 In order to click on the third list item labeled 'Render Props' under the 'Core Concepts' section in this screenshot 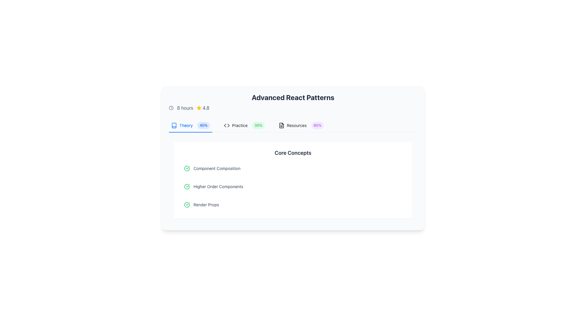, I will do `click(293, 204)`.